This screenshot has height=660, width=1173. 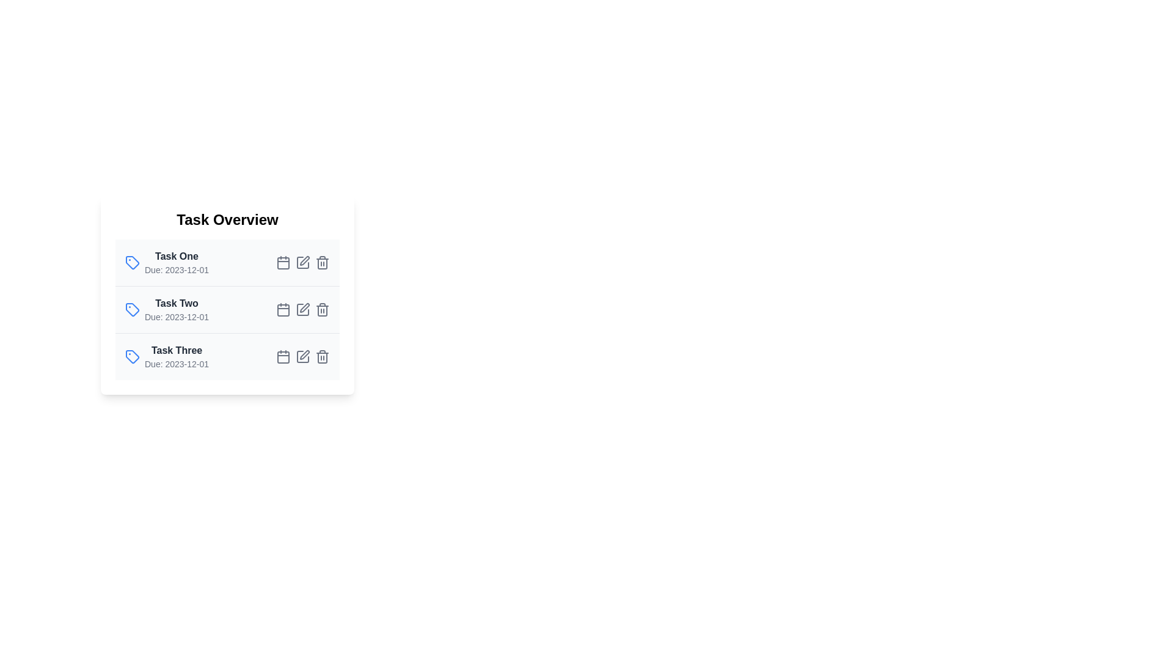 I want to click on the task entry titled 'Task Three' in the task overview card, so click(x=227, y=356).